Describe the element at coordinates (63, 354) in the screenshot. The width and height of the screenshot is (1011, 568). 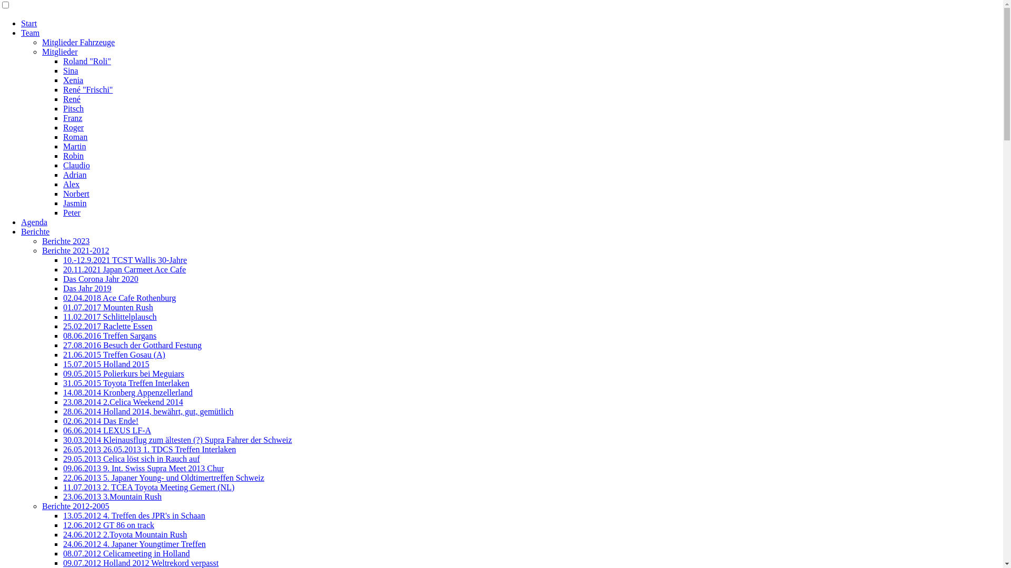
I see `'21.06.2015 Treffen Gosau (A)'` at that location.